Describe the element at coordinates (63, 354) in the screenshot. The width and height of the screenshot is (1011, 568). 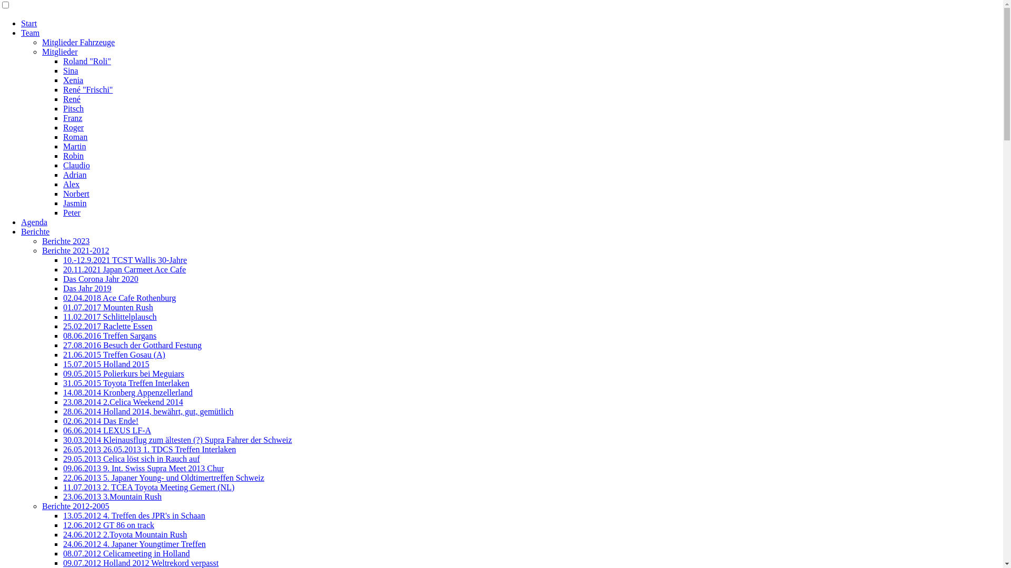
I see `'21.06.2015 Treffen Gosau (A)'` at that location.